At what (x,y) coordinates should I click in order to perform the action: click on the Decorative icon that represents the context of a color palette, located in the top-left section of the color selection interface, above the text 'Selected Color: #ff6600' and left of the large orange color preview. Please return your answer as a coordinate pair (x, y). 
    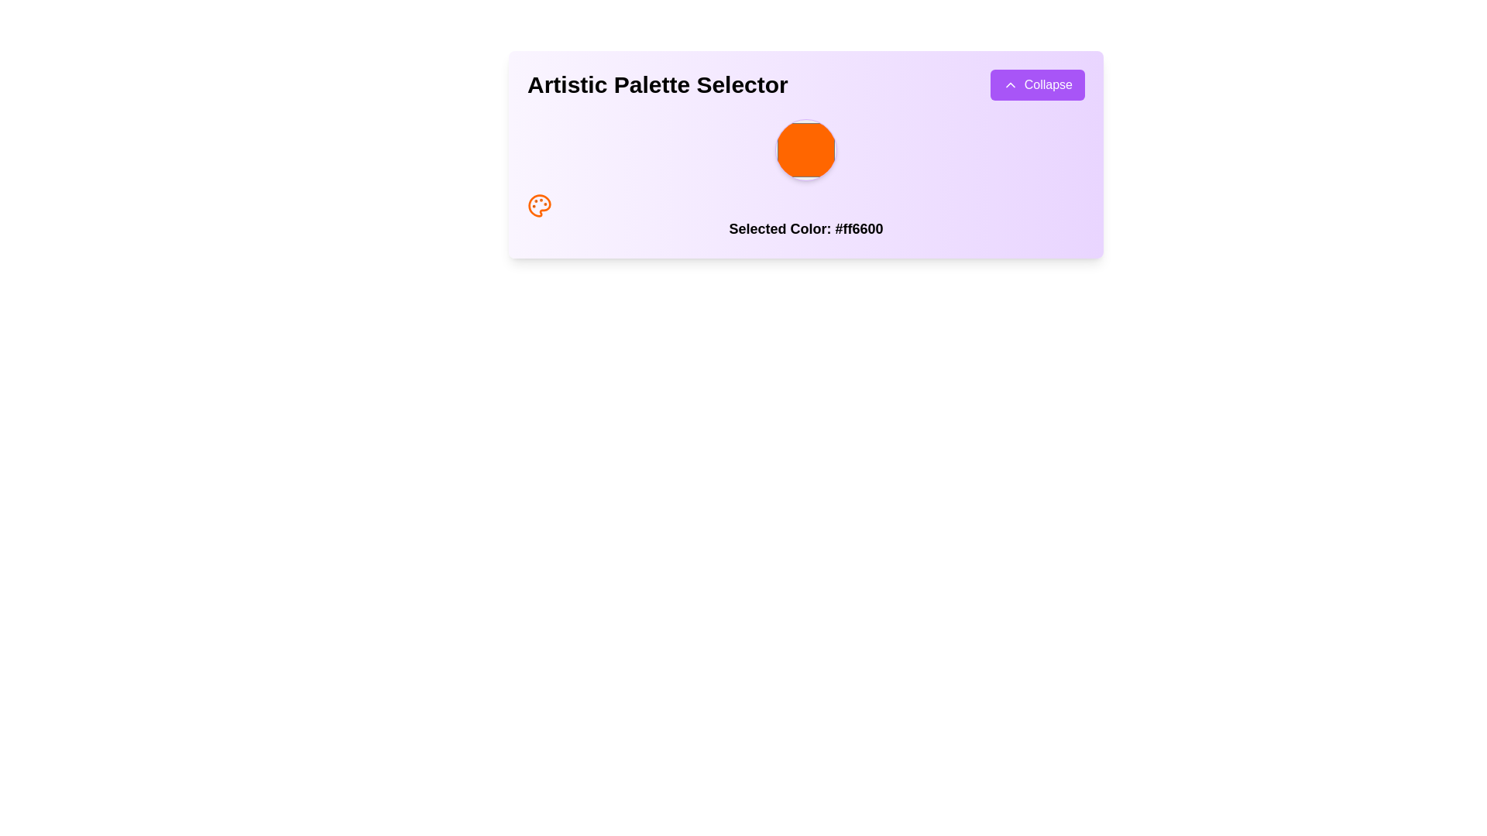
    Looking at the image, I should click on (539, 205).